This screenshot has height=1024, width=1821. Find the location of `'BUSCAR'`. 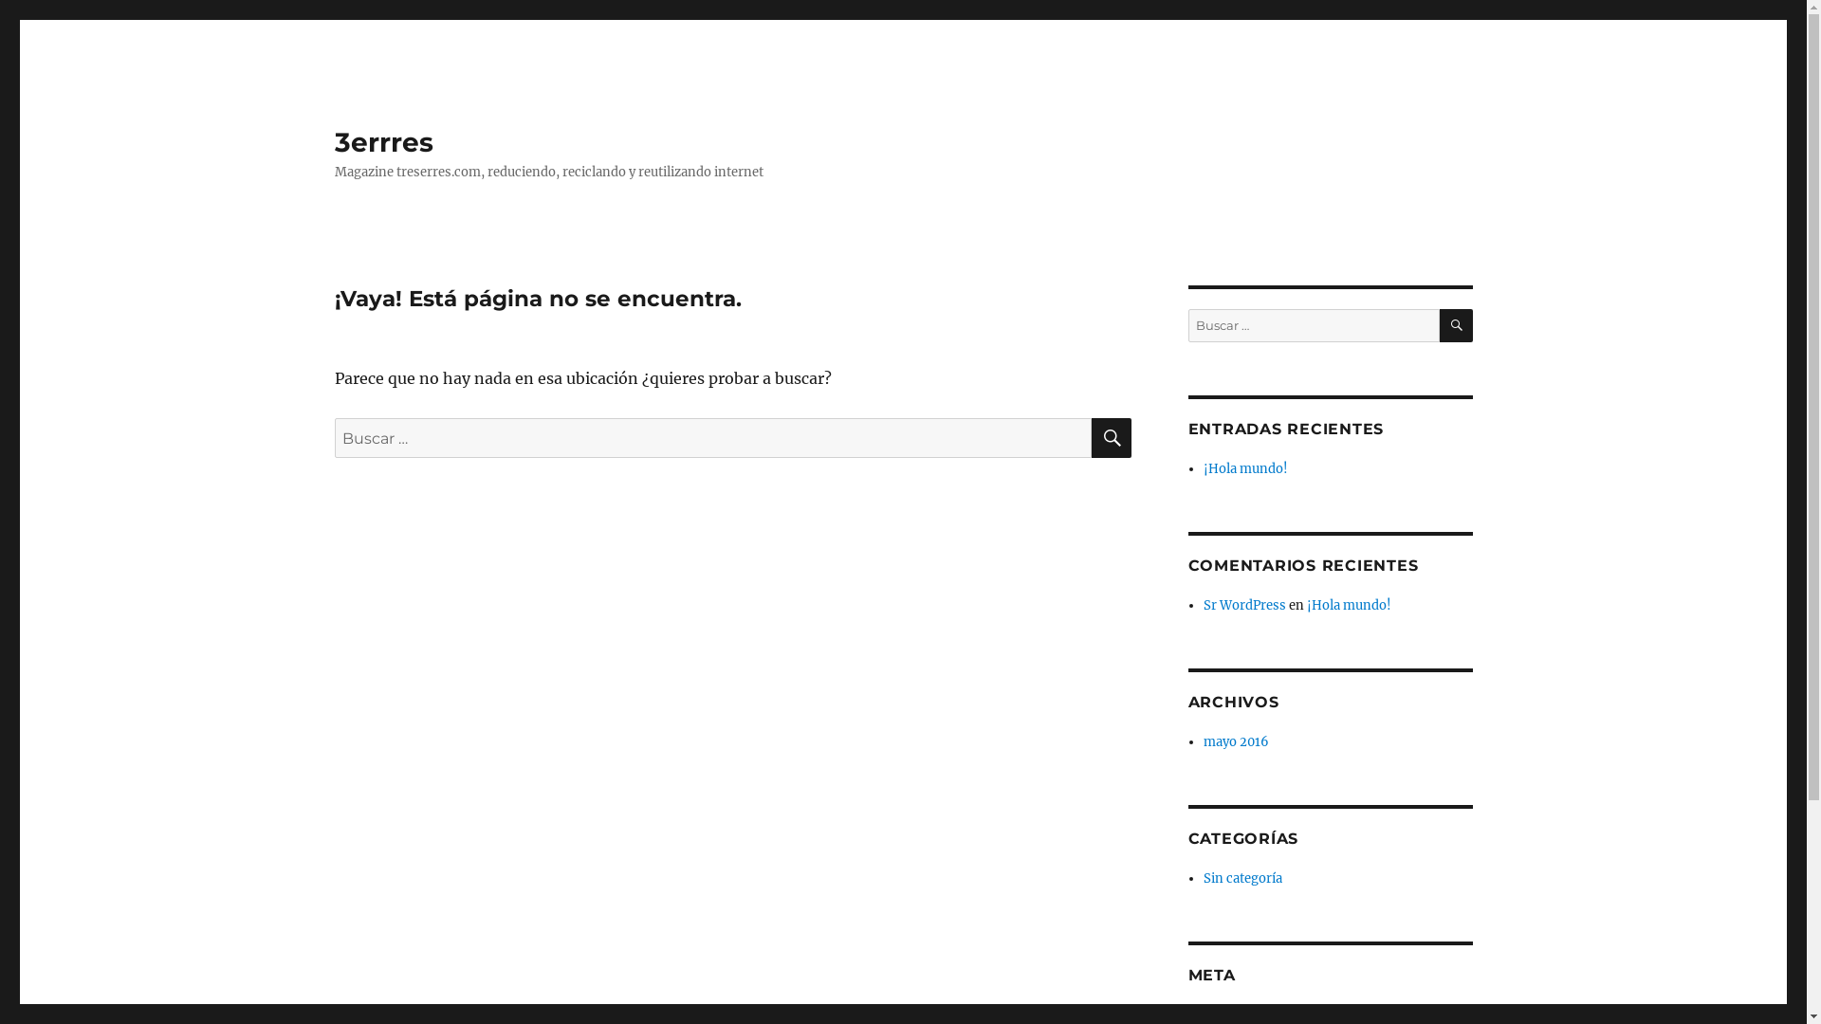

'BUSCAR' is located at coordinates (1111, 438).